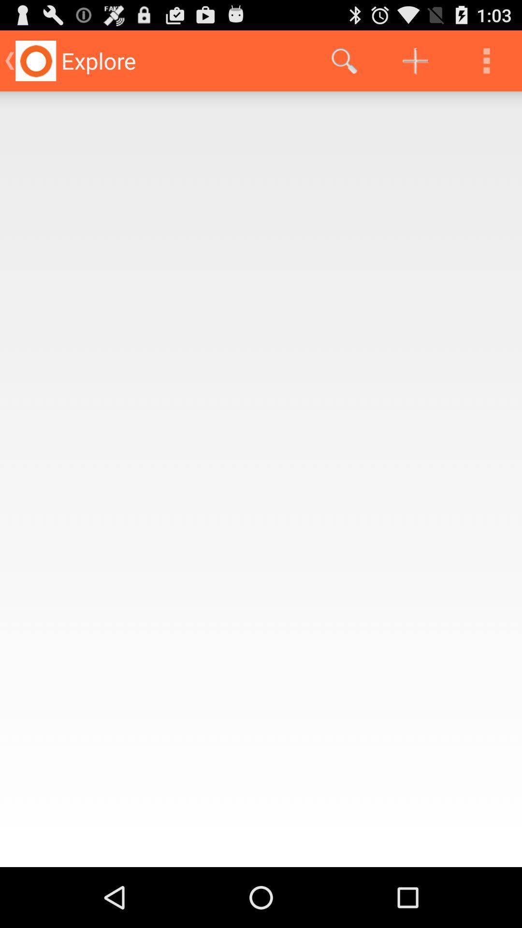  What do you see at coordinates (344, 60) in the screenshot?
I see `app to the right of the explore item` at bounding box center [344, 60].